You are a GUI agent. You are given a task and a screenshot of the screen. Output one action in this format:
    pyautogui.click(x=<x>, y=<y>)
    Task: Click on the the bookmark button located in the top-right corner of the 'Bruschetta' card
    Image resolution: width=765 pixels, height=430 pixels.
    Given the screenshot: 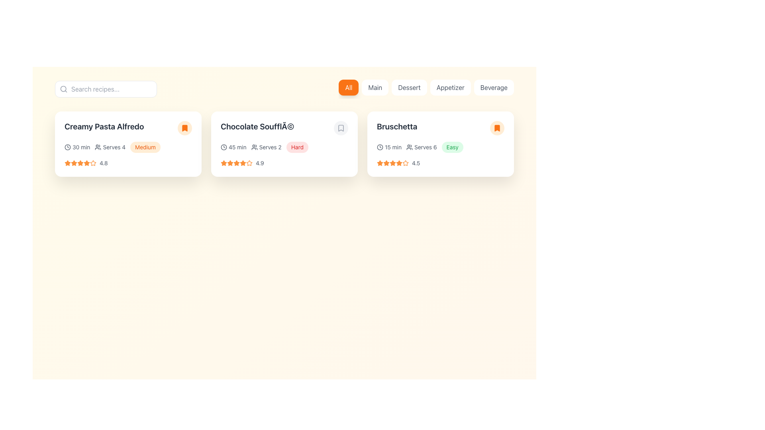 What is the action you would take?
    pyautogui.click(x=497, y=127)
    